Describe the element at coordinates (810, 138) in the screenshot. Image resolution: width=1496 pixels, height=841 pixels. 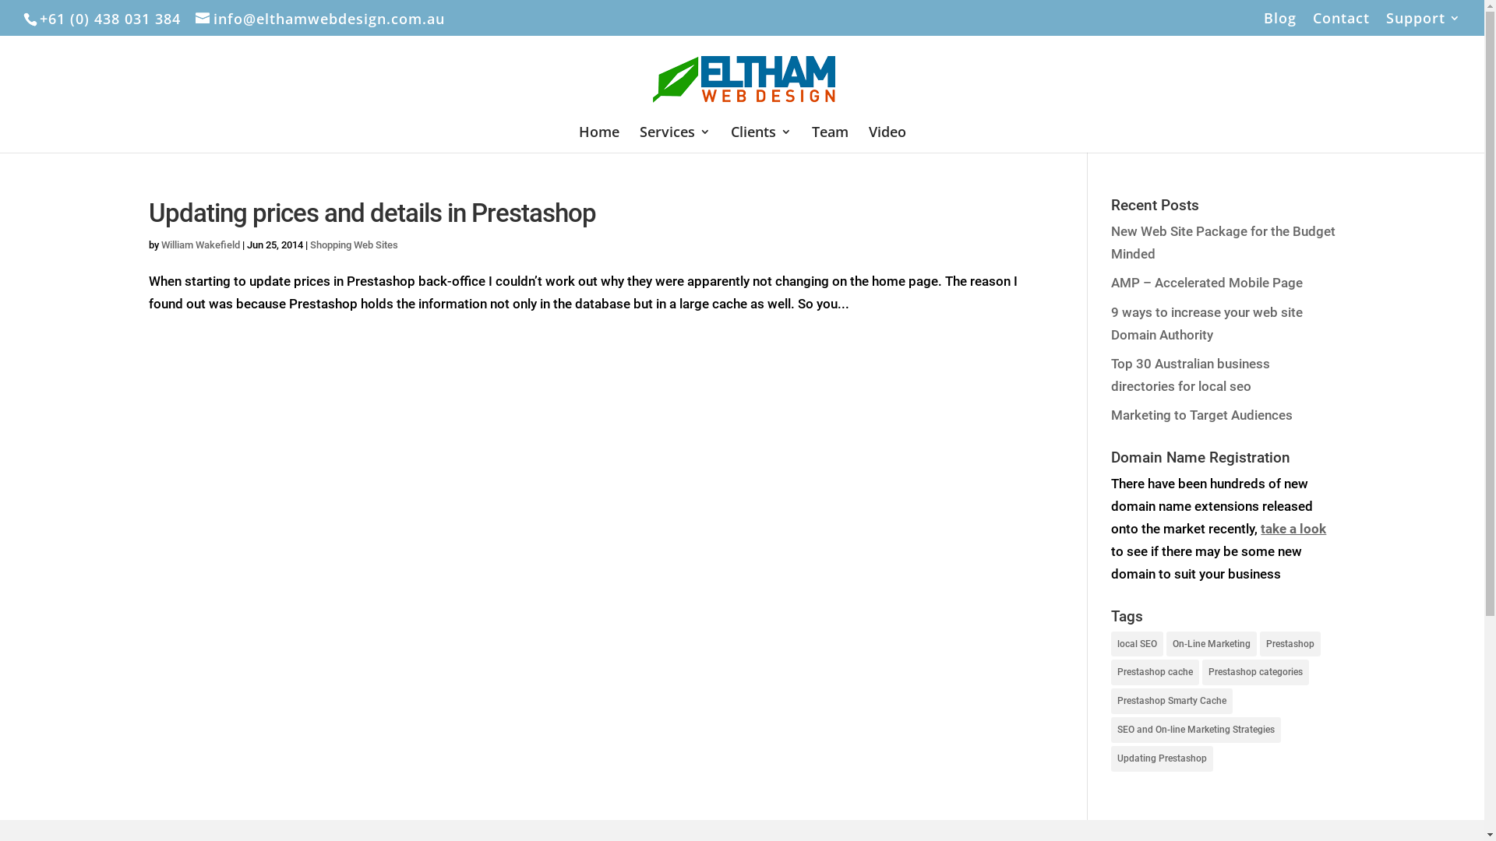
I see `'Team'` at that location.